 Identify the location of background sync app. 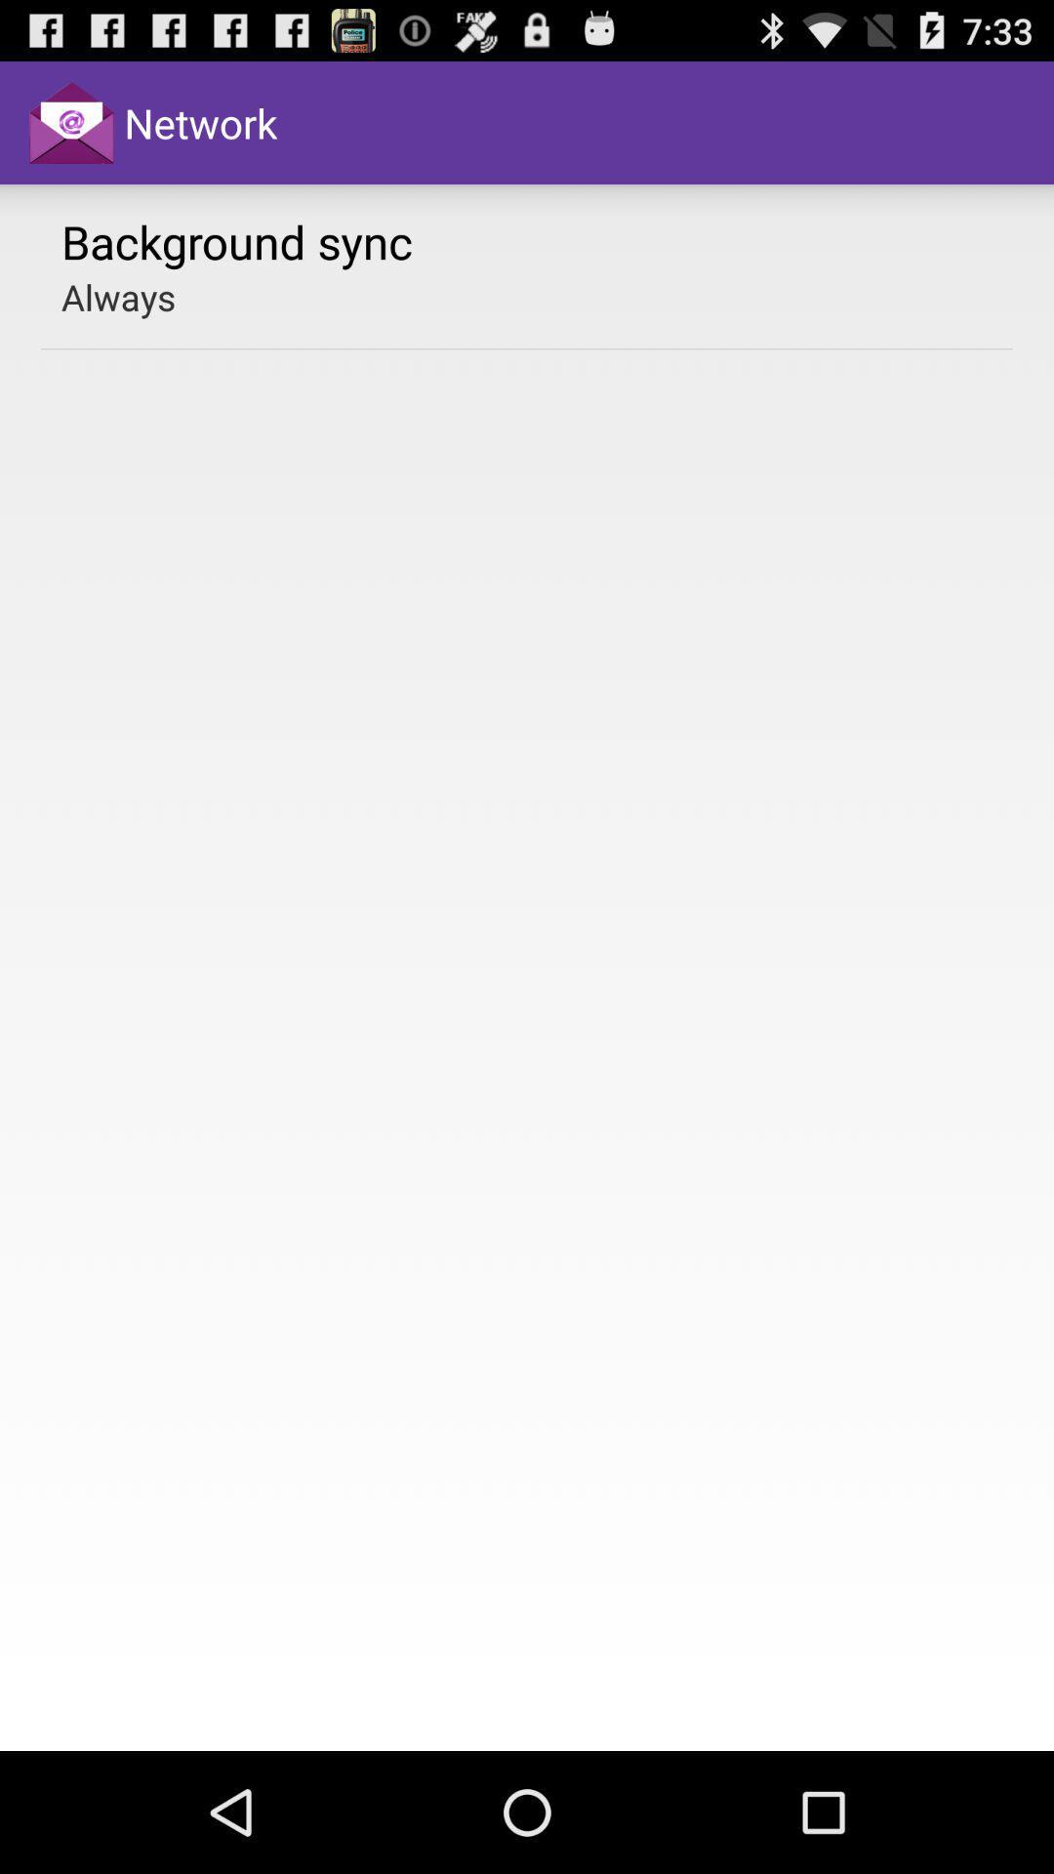
(236, 240).